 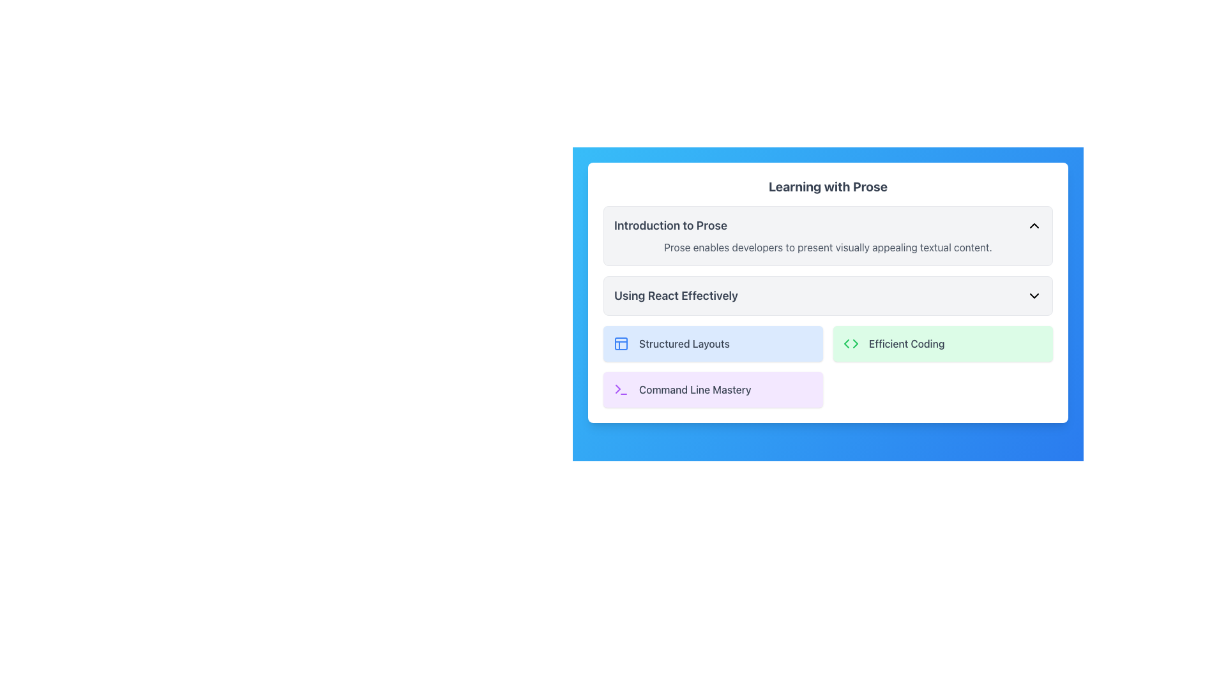 What do you see at coordinates (851, 343) in the screenshot?
I see `the coding icon located` at bounding box center [851, 343].